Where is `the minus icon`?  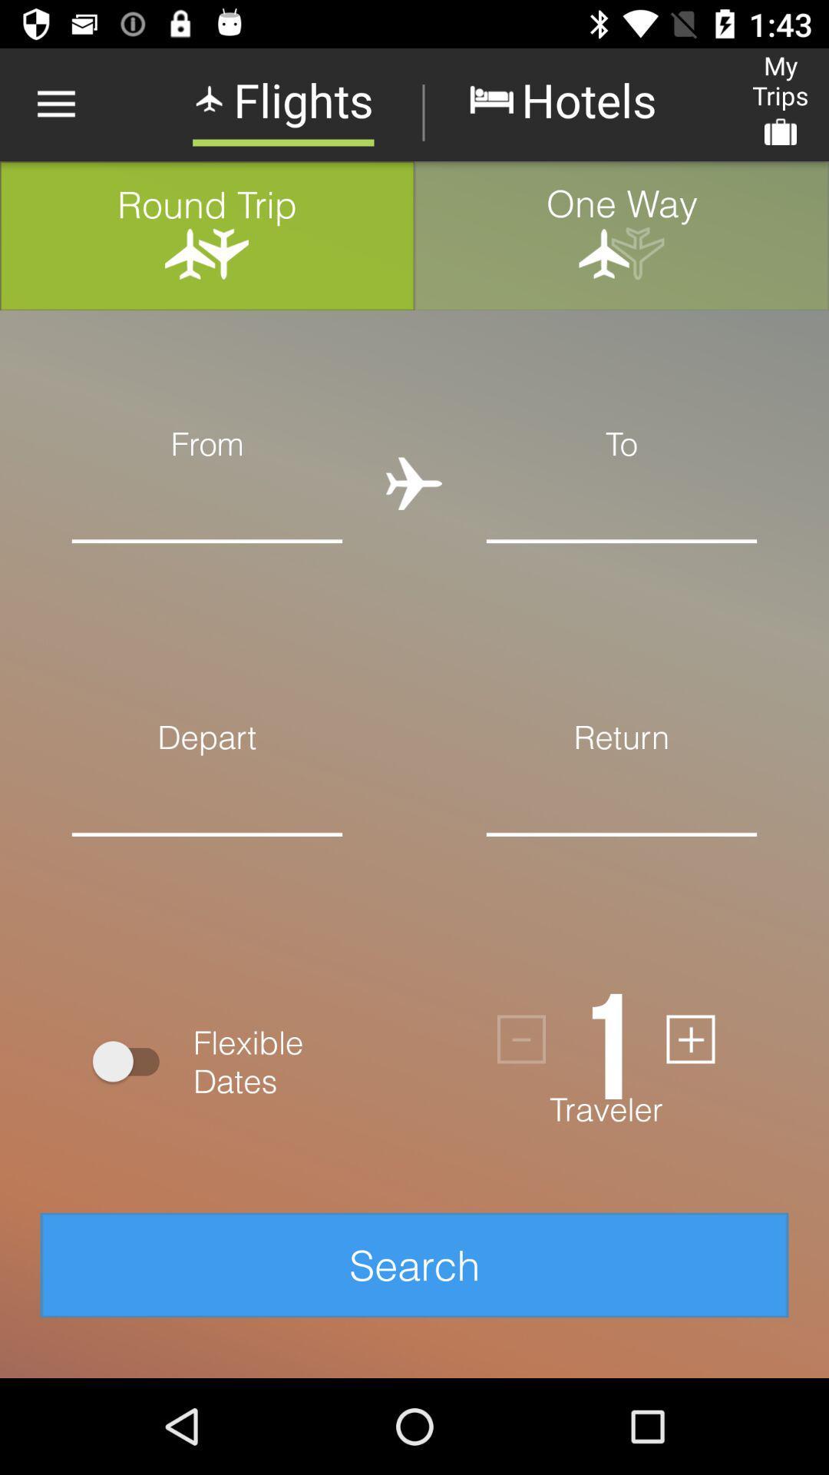 the minus icon is located at coordinates (520, 1039).